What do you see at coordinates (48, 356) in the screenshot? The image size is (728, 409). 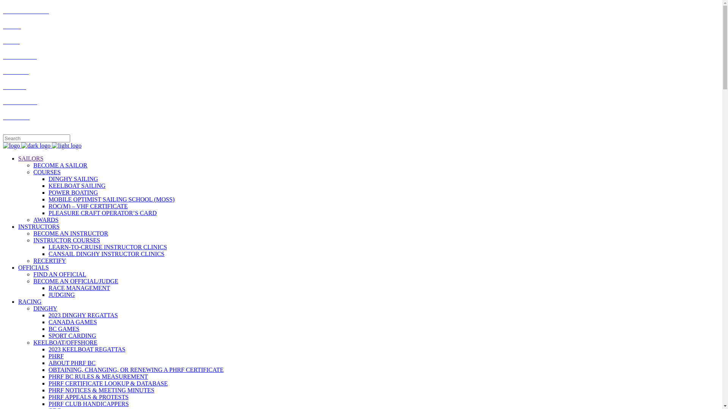 I see `'PHRF'` at bounding box center [48, 356].